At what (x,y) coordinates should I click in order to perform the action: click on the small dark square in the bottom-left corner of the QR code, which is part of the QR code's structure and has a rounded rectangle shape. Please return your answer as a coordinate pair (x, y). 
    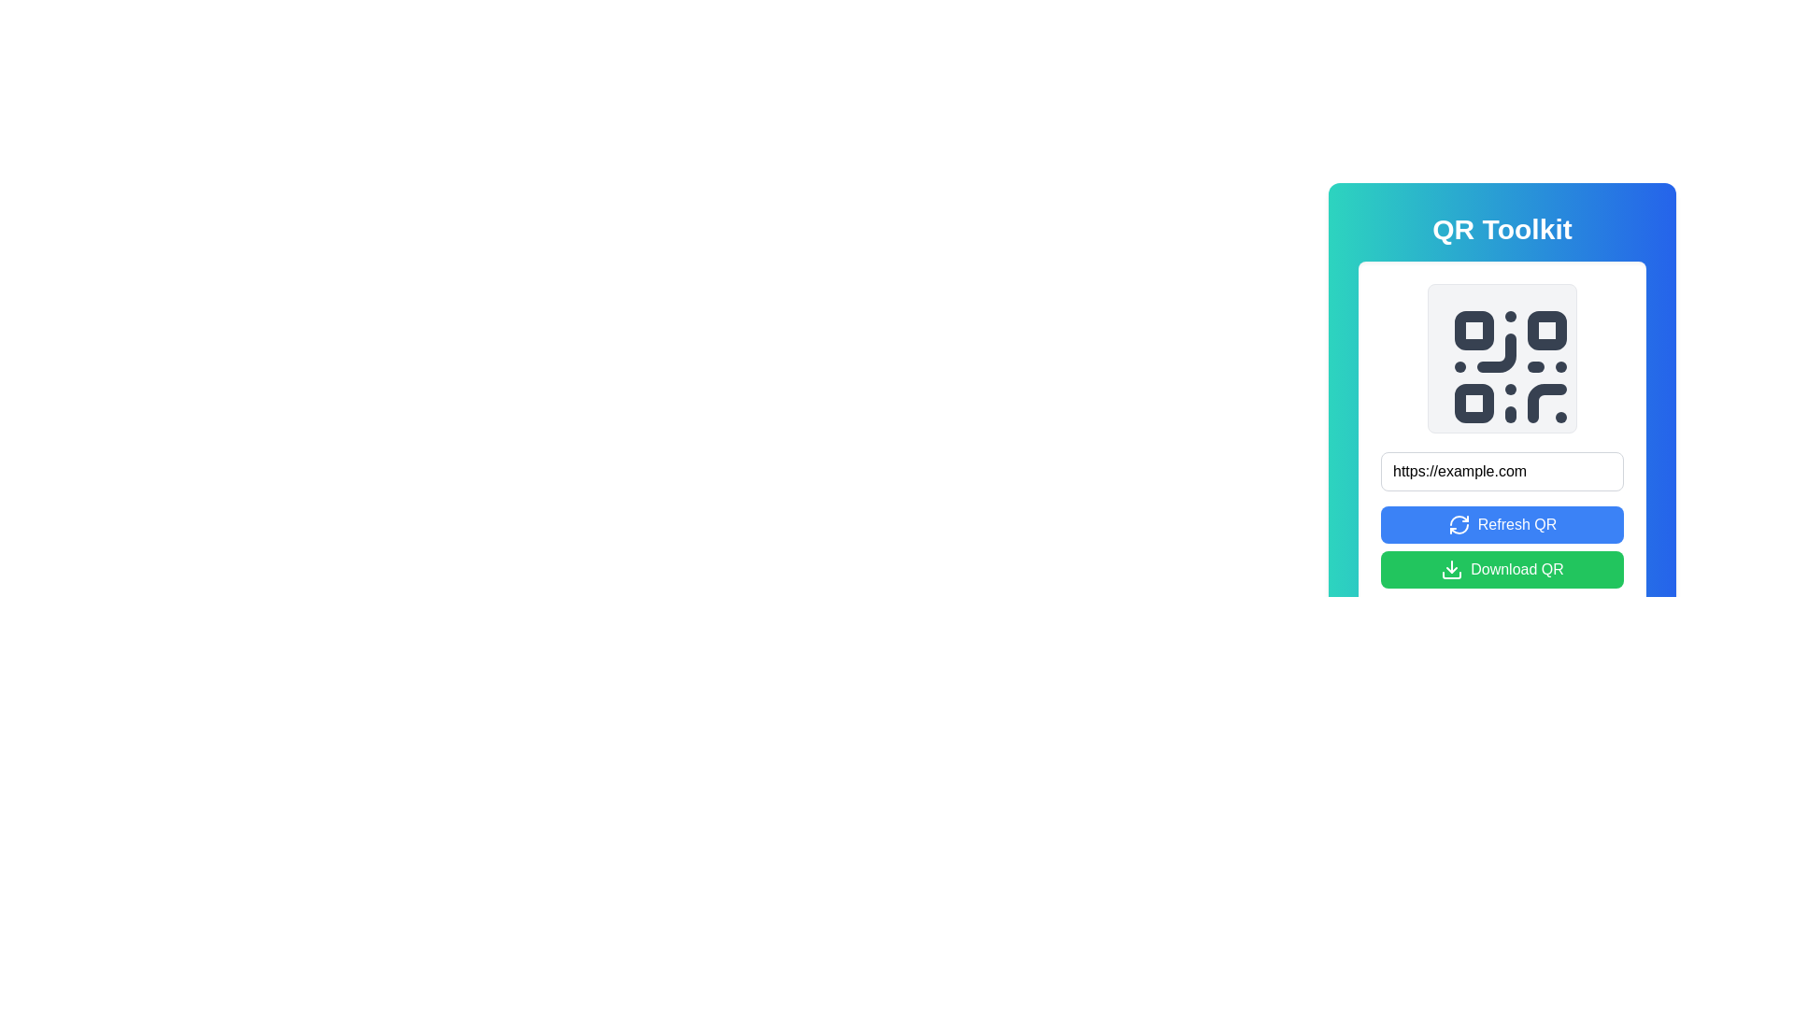
    Looking at the image, I should click on (1474, 403).